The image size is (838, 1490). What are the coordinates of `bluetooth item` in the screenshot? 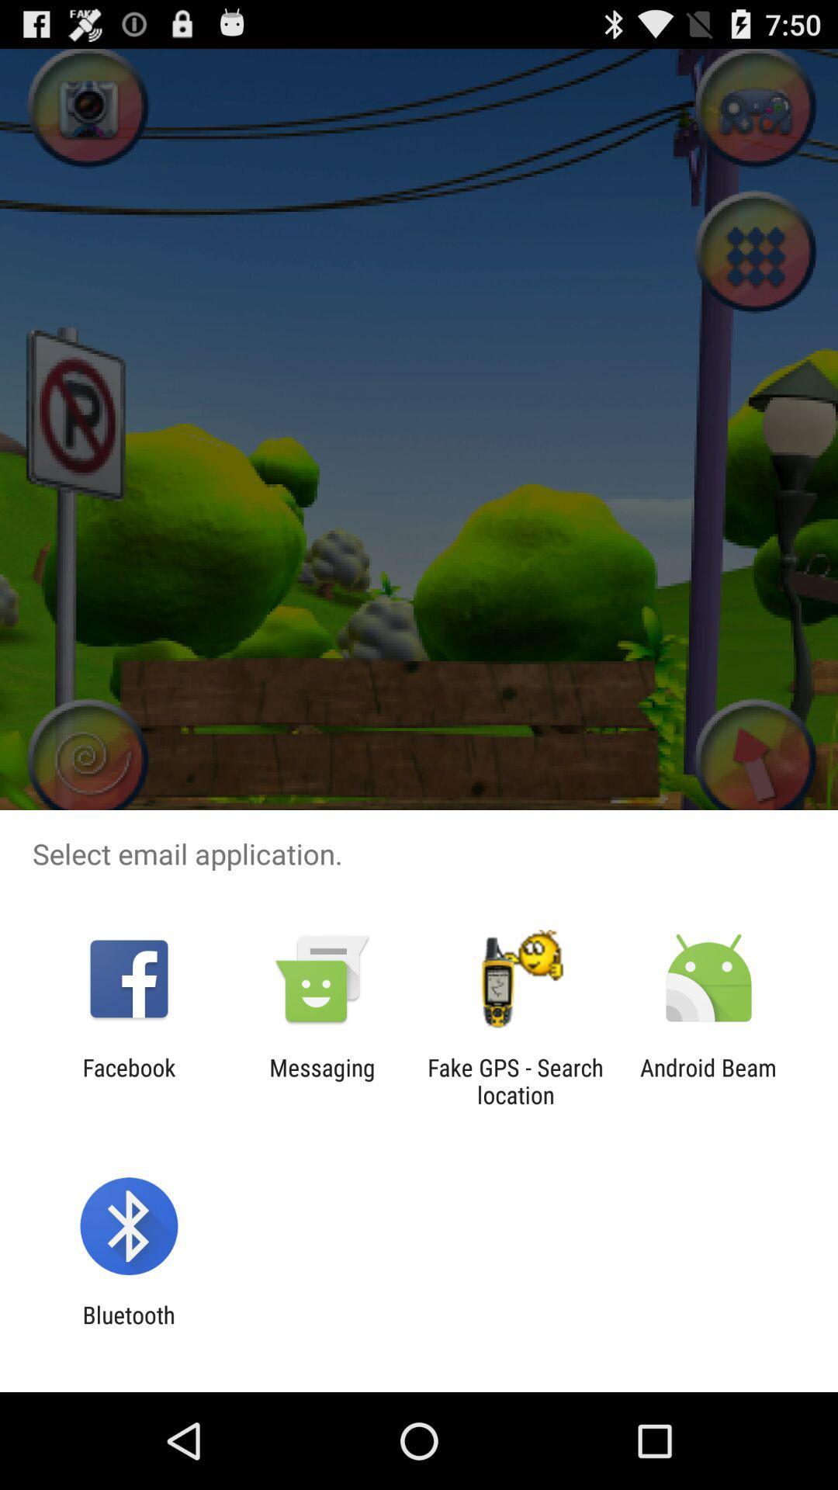 It's located at (128, 1328).